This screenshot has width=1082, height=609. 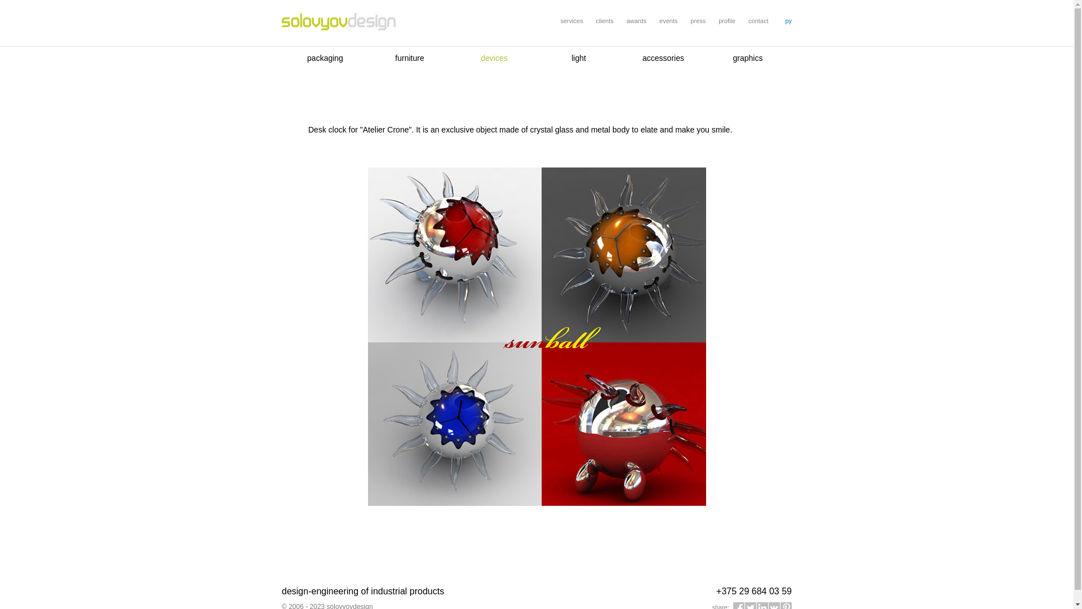 What do you see at coordinates (716, 590) in the screenshot?
I see `'+375 29 684 03 59'` at bounding box center [716, 590].